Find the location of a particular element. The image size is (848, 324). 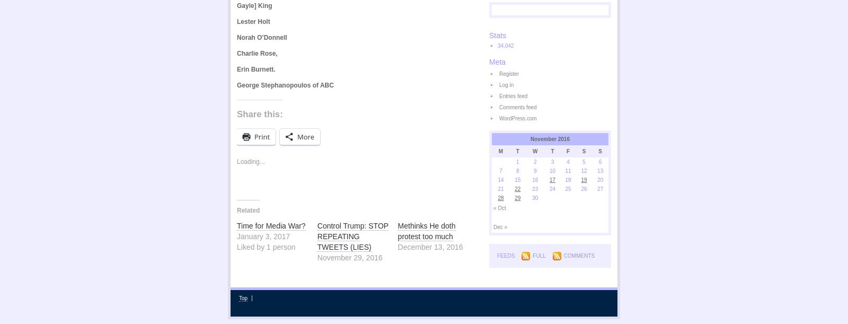

'5' is located at coordinates (584, 162).